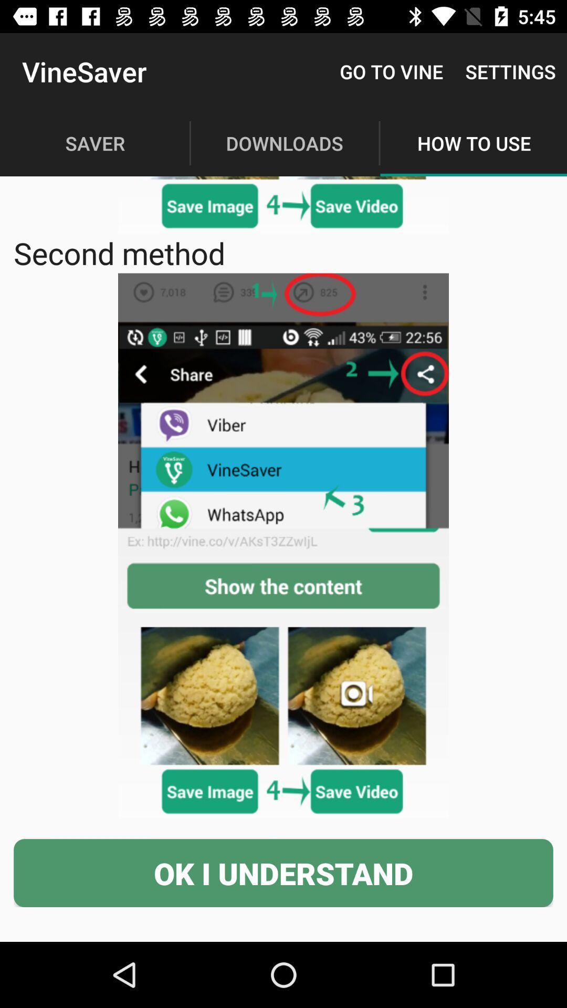  I want to click on icon next to the settings item, so click(391, 71).